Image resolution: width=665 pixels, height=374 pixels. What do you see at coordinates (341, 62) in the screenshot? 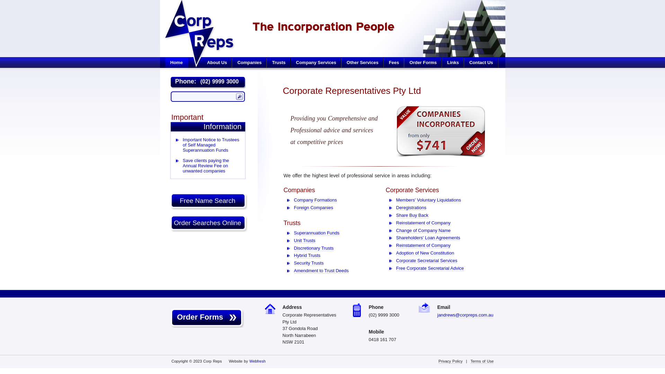
I see `'Other Services'` at bounding box center [341, 62].